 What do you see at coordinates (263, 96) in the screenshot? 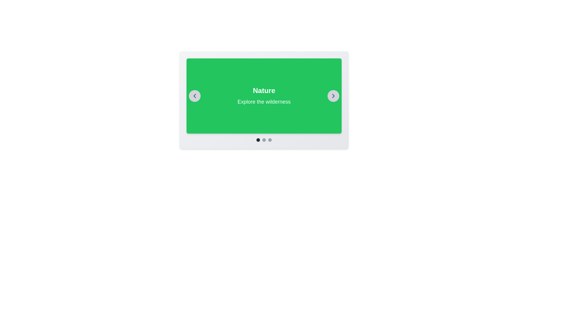
I see `the central display panel that presents the title and description, part of a carousel or slideshow component` at bounding box center [263, 96].